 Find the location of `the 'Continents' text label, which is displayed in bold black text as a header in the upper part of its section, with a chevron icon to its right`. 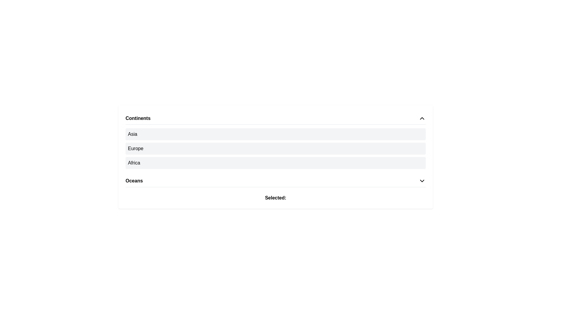

the 'Continents' text label, which is displayed in bold black text as a header in the upper part of its section, with a chevron icon to its right is located at coordinates (138, 118).